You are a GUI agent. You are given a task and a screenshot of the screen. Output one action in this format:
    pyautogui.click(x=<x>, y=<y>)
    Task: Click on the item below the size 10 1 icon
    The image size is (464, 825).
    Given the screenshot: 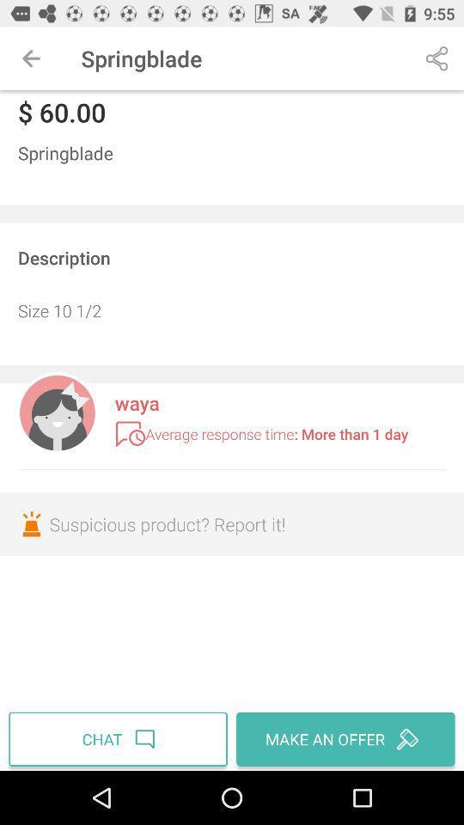 What is the action you would take?
    pyautogui.click(x=57, y=411)
    